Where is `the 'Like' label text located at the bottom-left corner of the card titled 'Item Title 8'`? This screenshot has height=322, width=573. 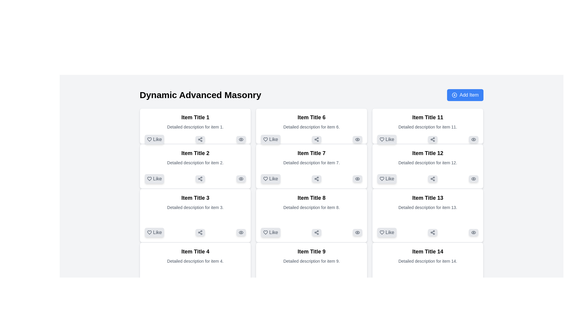 the 'Like' label text located at the bottom-left corner of the card titled 'Item Title 8' is located at coordinates (273, 232).